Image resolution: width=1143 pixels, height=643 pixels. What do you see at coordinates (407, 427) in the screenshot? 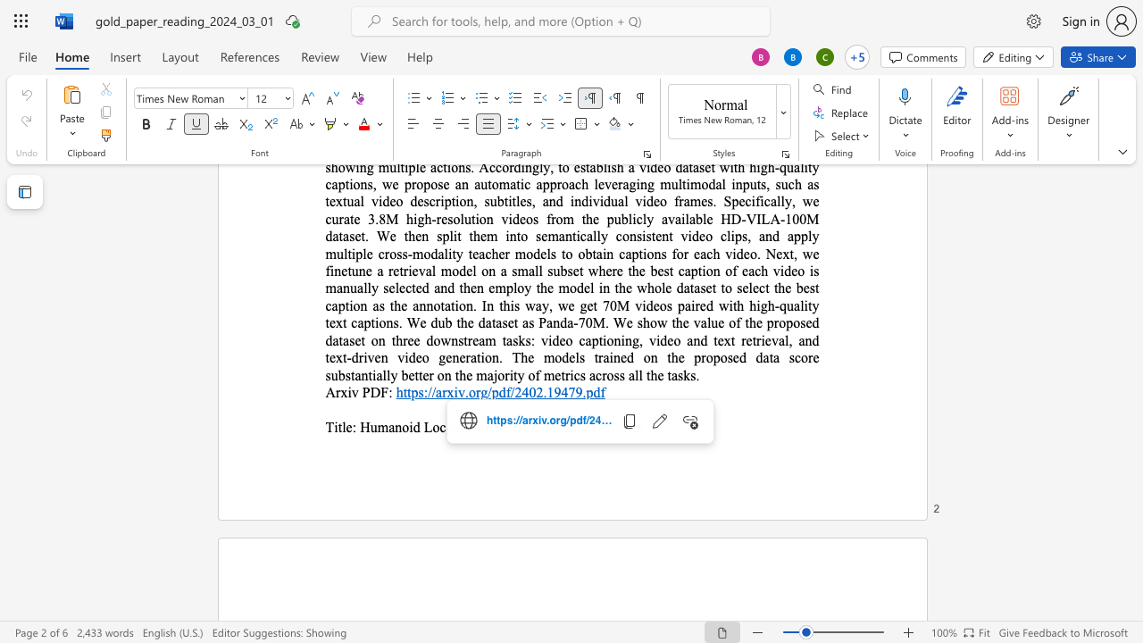
I see `the space between the continuous character "o" and "i" in the text` at bounding box center [407, 427].